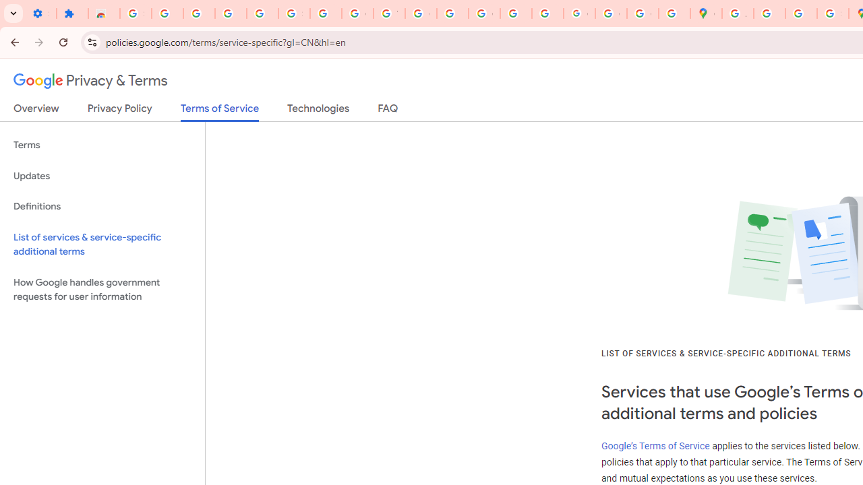 This screenshot has height=485, width=863. I want to click on 'Safety in Our Products - Google Safety Center', so click(832, 13).